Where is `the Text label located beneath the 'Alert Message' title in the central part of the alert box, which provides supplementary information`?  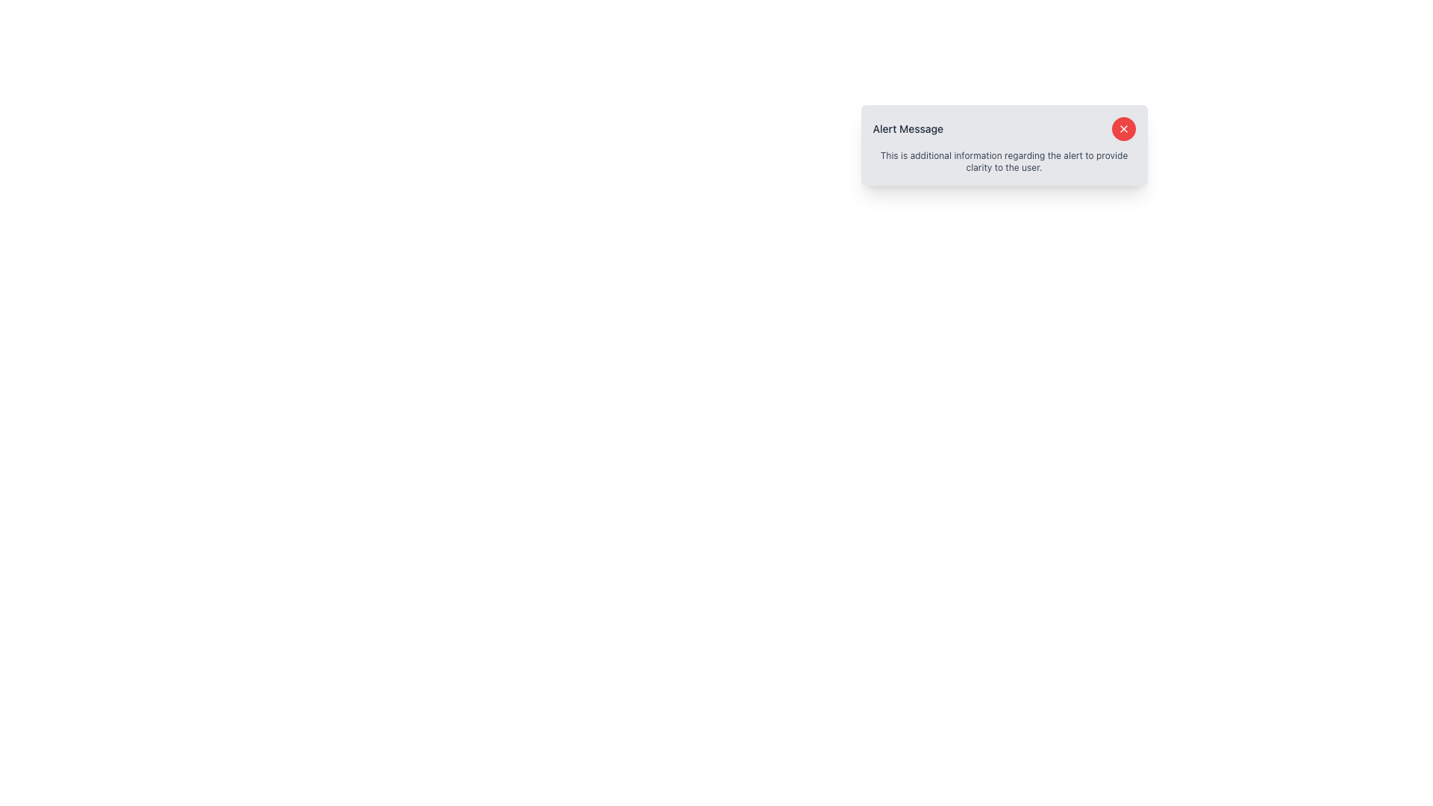
the Text label located beneath the 'Alert Message' title in the central part of the alert box, which provides supplementary information is located at coordinates (1004, 161).